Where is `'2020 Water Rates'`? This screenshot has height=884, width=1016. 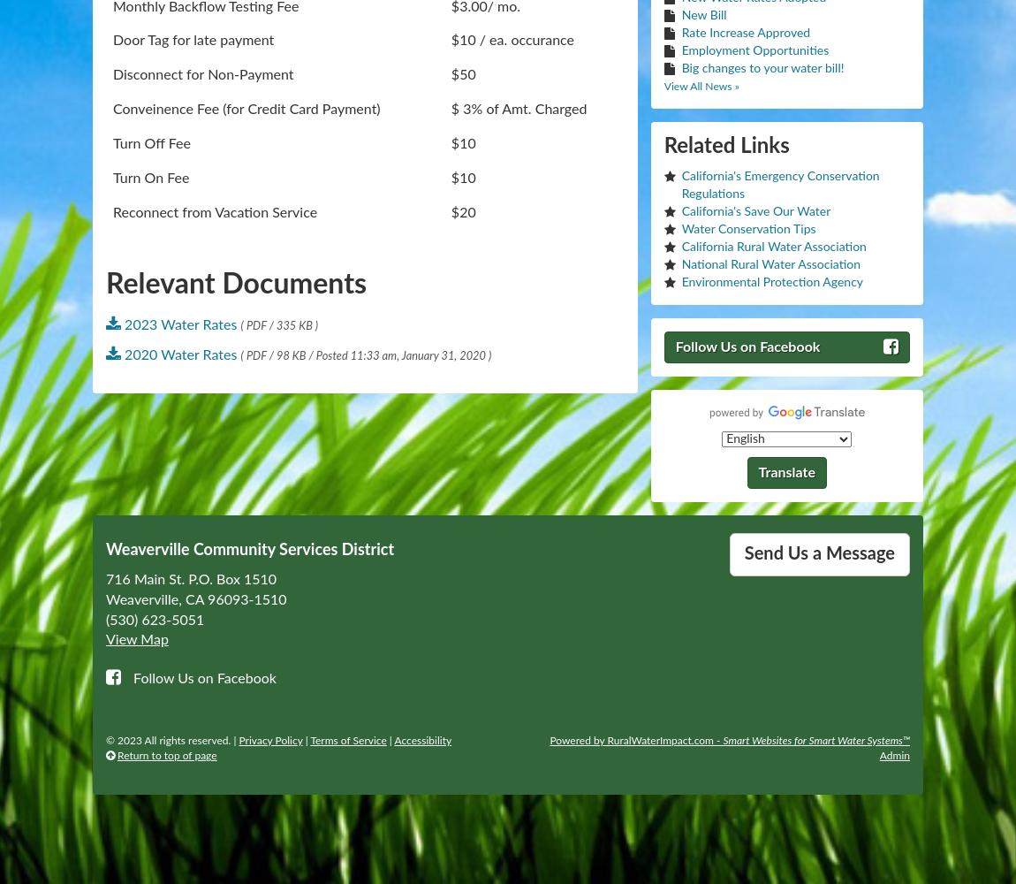
'2020 Water Rates' is located at coordinates (179, 355).